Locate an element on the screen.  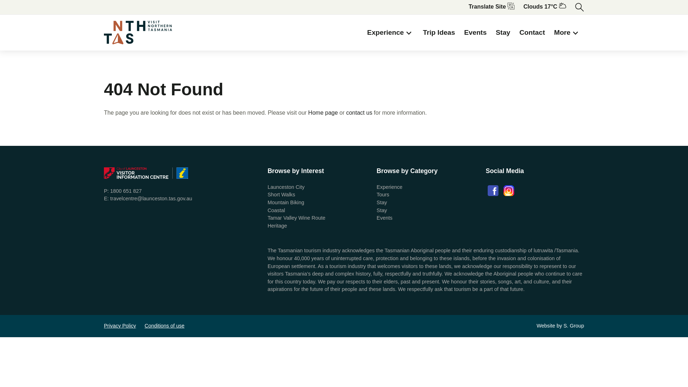
'Mountain Biking' is located at coordinates (285, 202).